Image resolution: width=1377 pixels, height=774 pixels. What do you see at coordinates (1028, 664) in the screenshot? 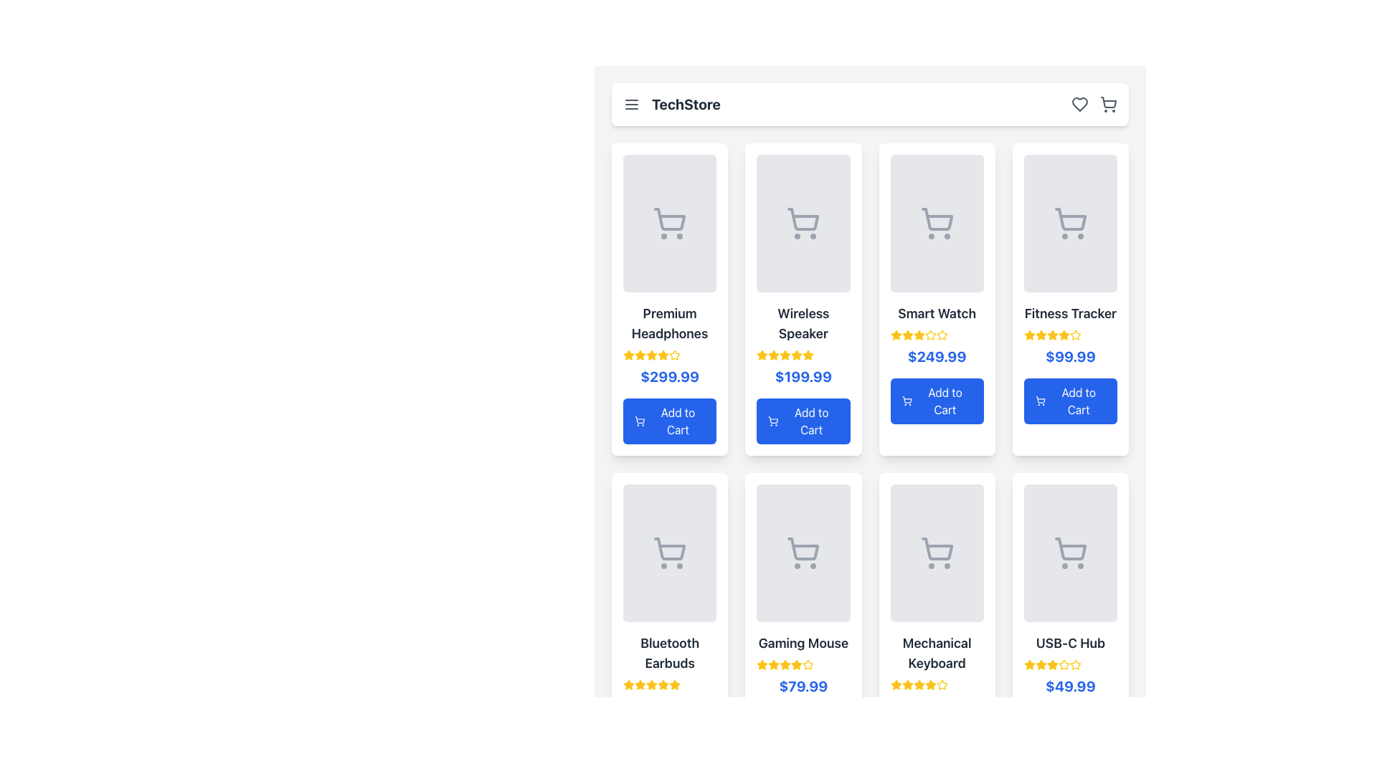
I see `the yellow star icon located under the product titled 'USB-C Hub', which is part of the rating system` at bounding box center [1028, 664].